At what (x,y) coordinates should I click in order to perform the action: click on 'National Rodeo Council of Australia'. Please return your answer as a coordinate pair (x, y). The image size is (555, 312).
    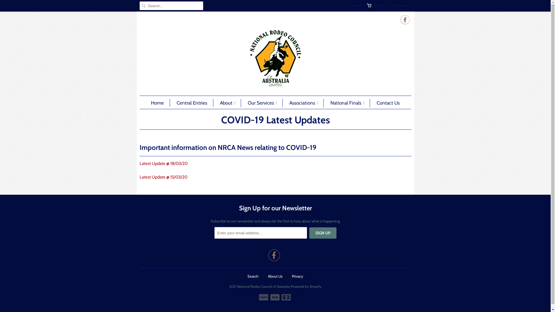
    Looking at the image, I should click on (275, 58).